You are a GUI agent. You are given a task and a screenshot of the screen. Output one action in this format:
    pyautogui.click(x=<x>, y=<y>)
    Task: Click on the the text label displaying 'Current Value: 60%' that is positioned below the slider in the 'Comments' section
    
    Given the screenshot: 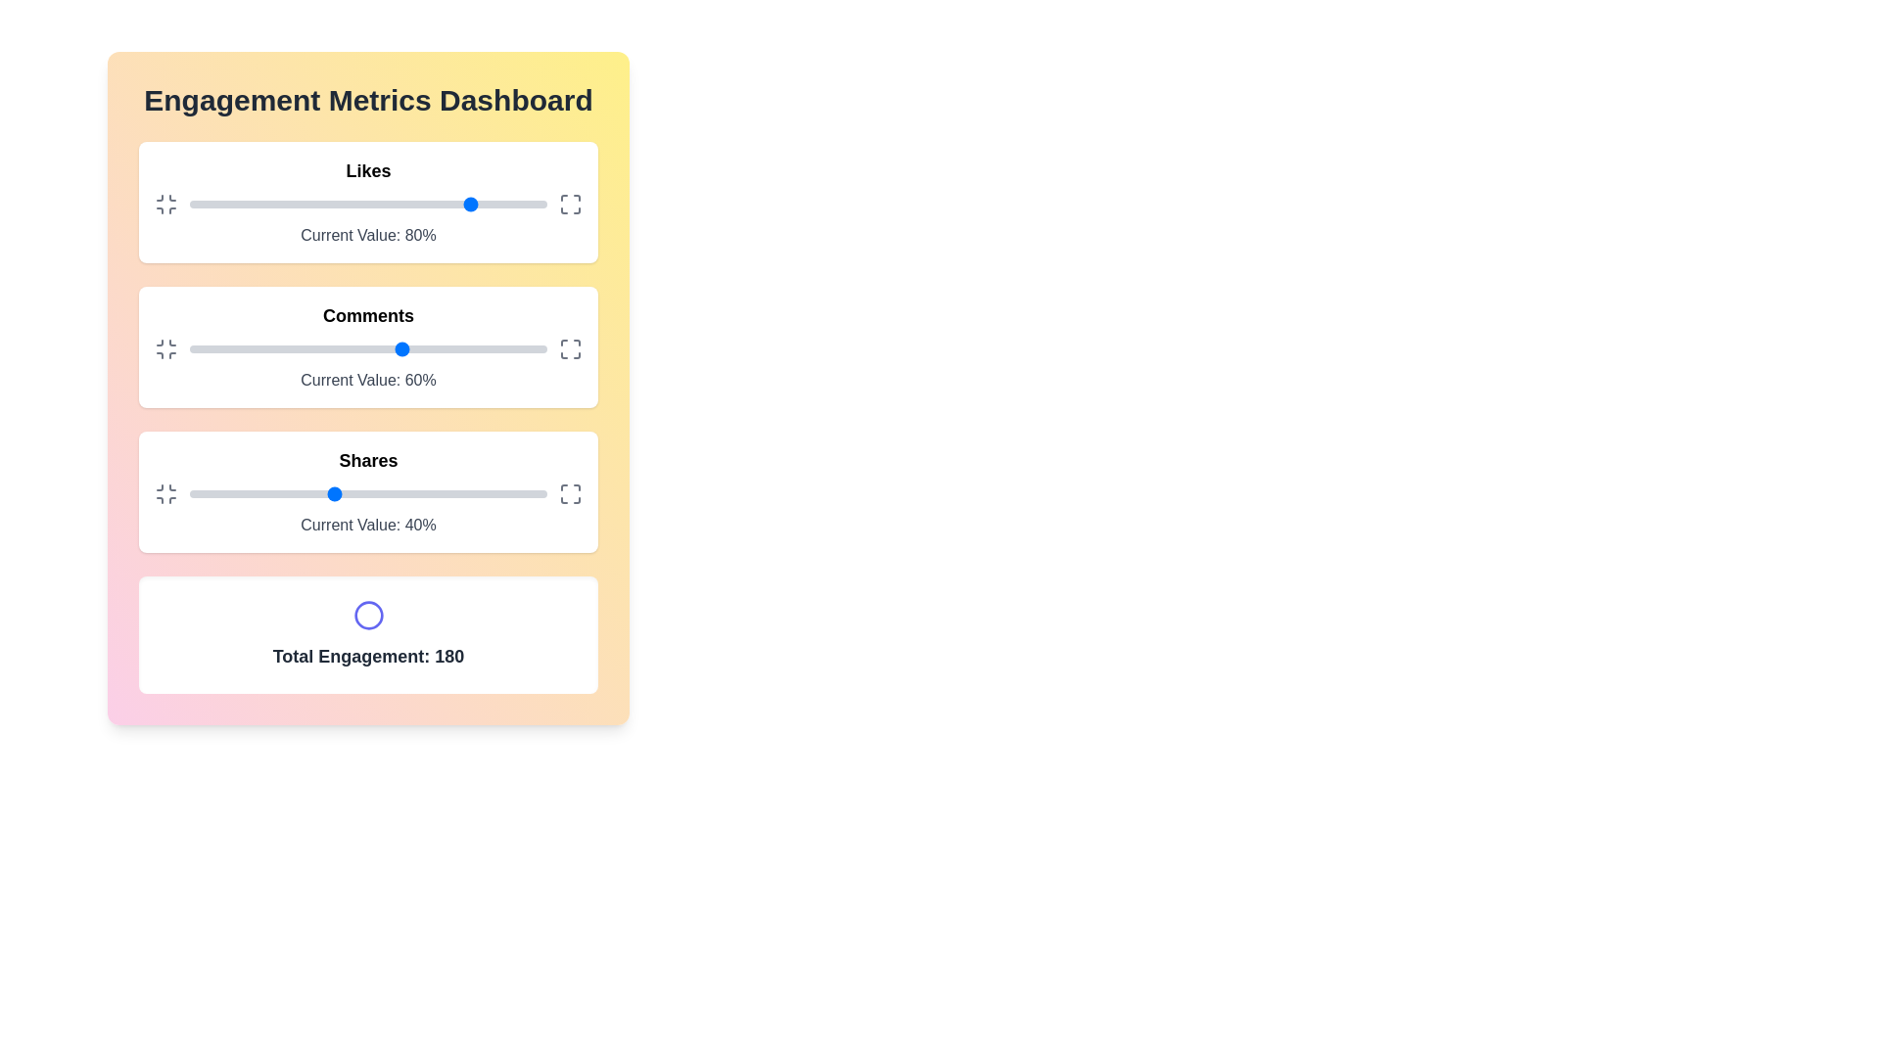 What is the action you would take?
    pyautogui.click(x=368, y=381)
    